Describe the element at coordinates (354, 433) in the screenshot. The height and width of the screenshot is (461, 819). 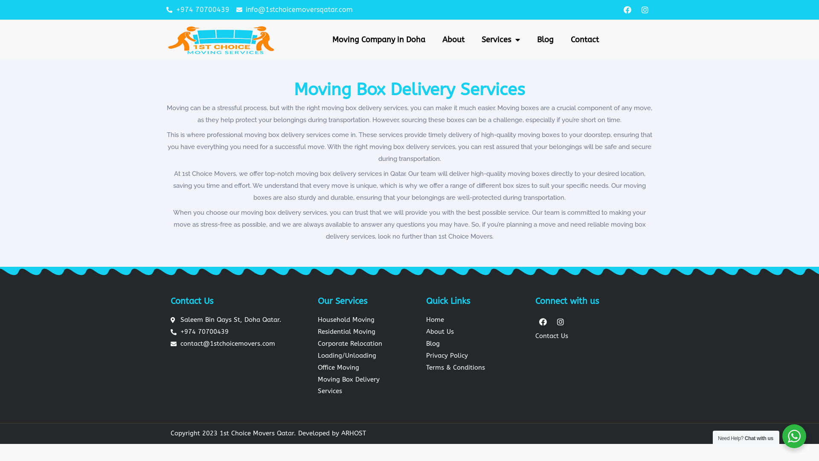
I see `'ARHOST'` at that location.